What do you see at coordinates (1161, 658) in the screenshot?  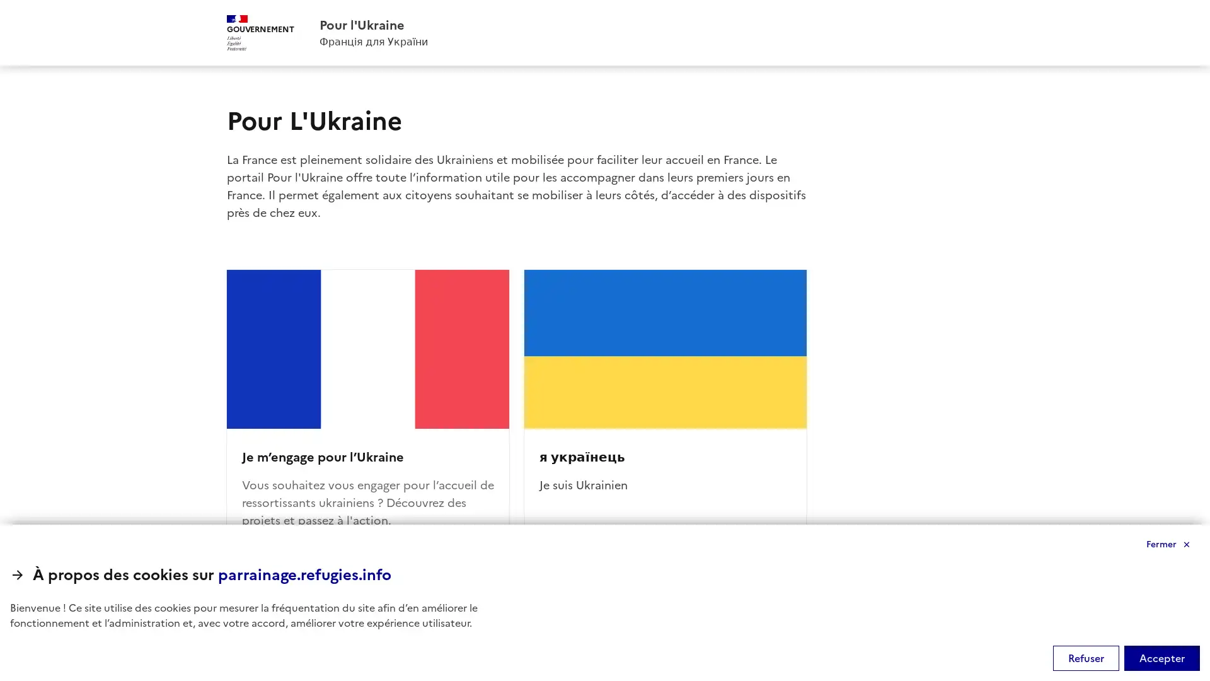 I see `Accepter` at bounding box center [1161, 658].